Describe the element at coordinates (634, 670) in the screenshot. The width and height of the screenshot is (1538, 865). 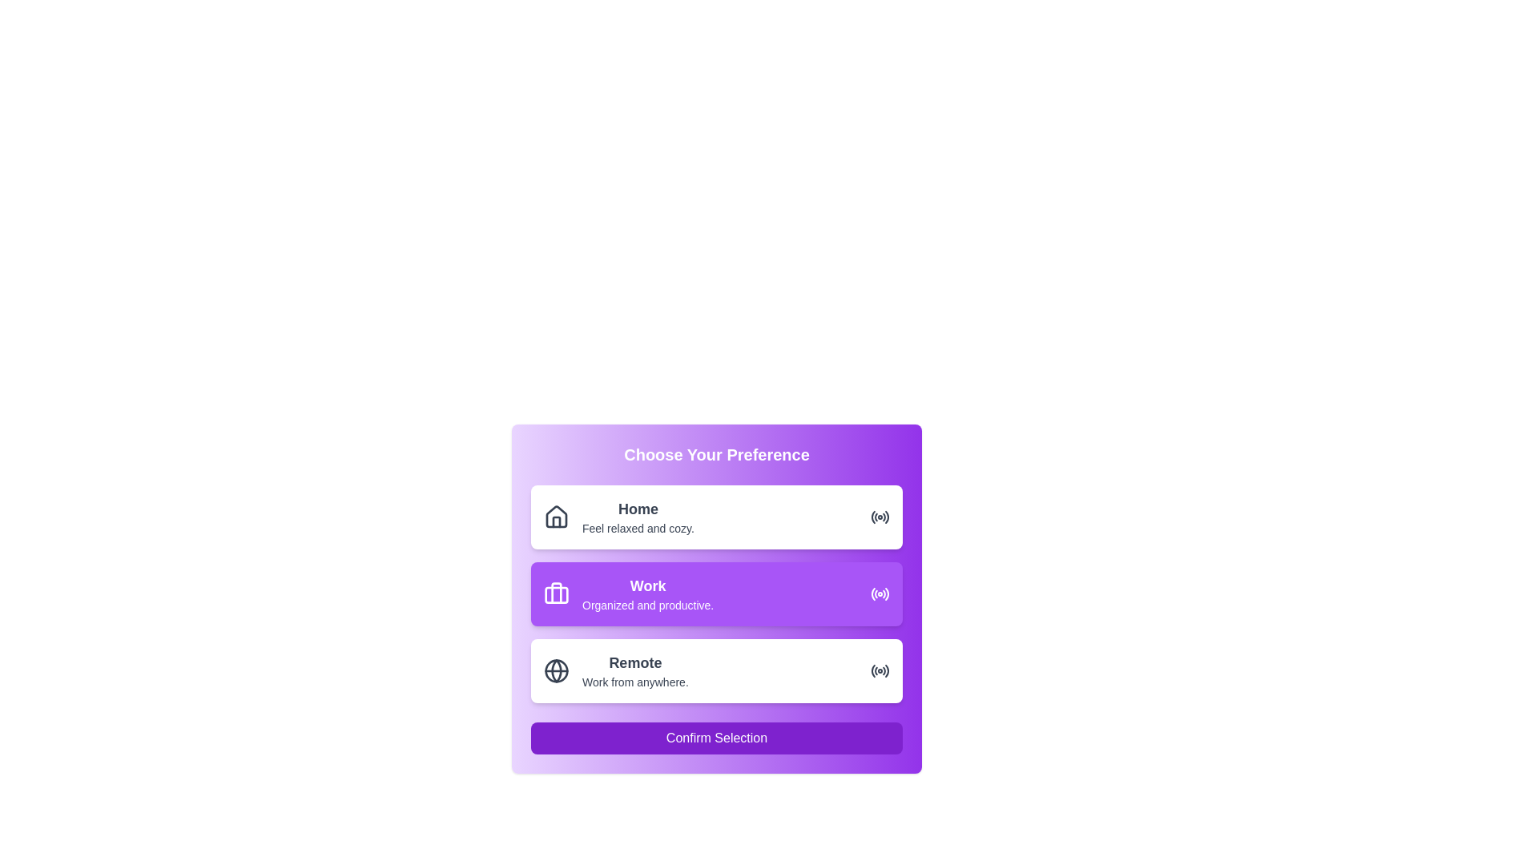
I see `the text label that reads 'Remote' and 'Work from anywhere.'` at that location.